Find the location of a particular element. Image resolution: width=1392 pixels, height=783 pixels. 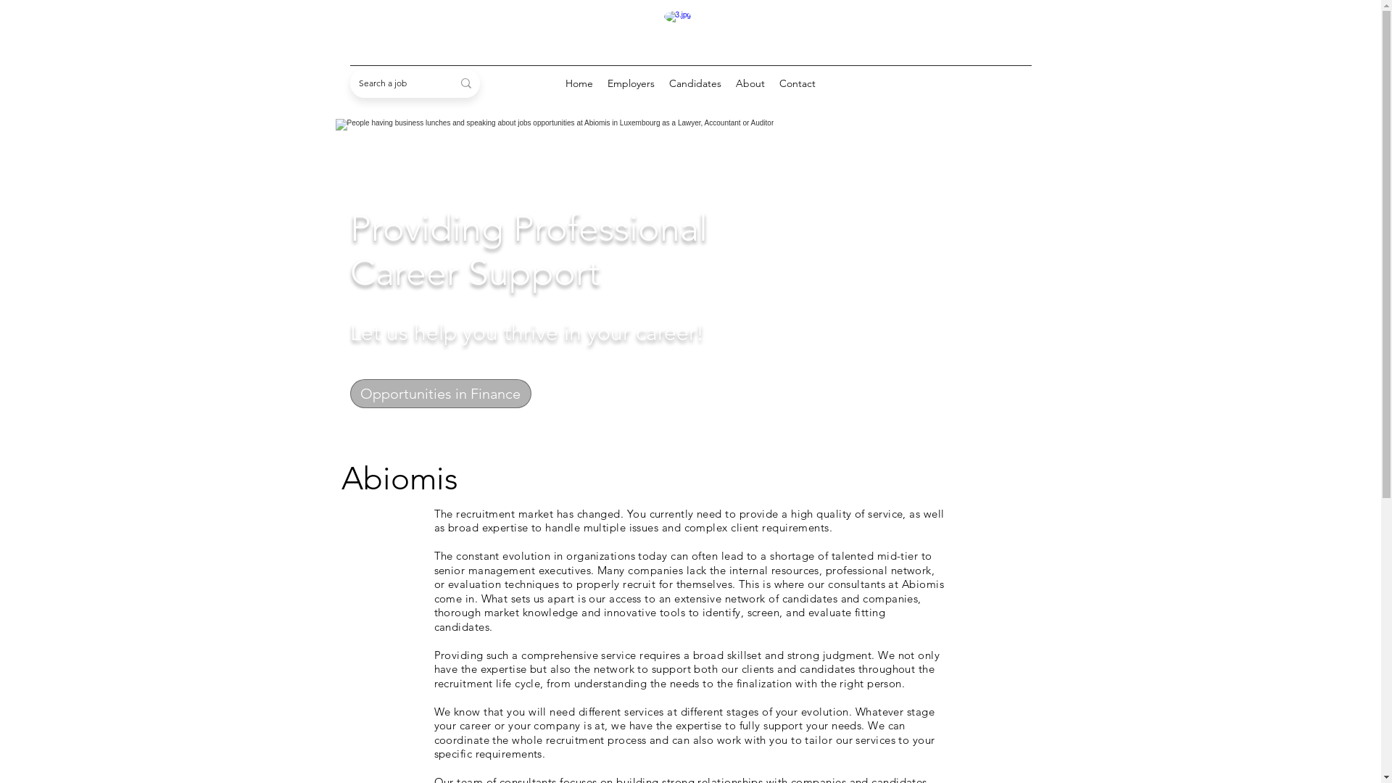

'Contact' is located at coordinates (796, 83).